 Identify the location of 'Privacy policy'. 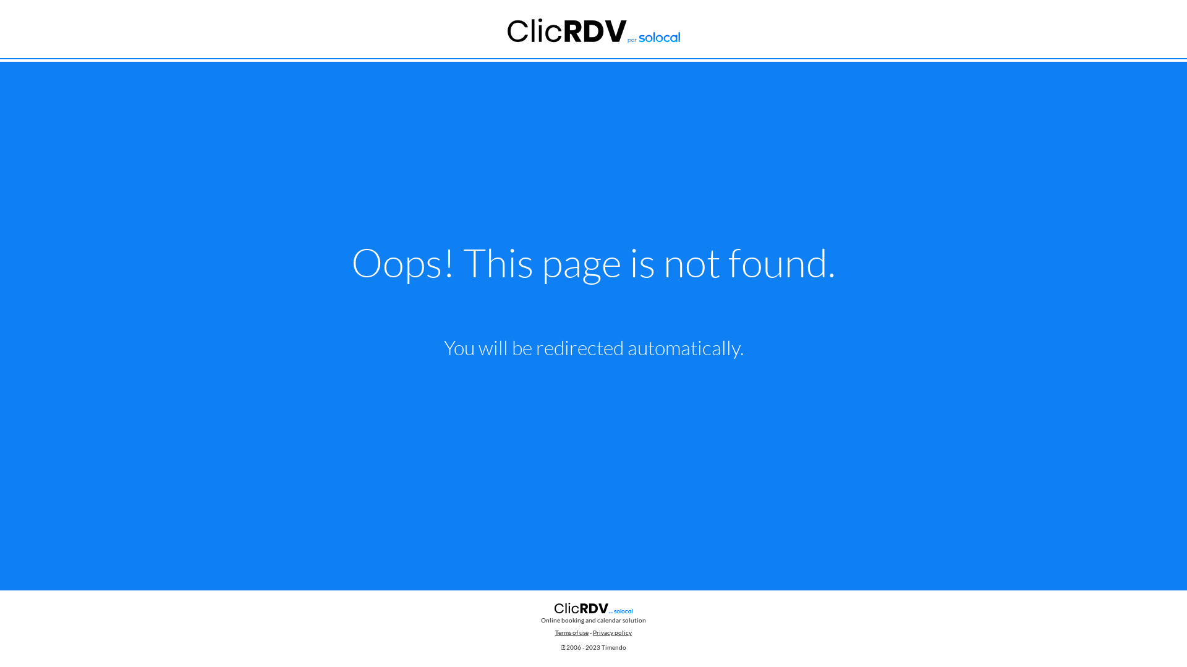
(612, 632).